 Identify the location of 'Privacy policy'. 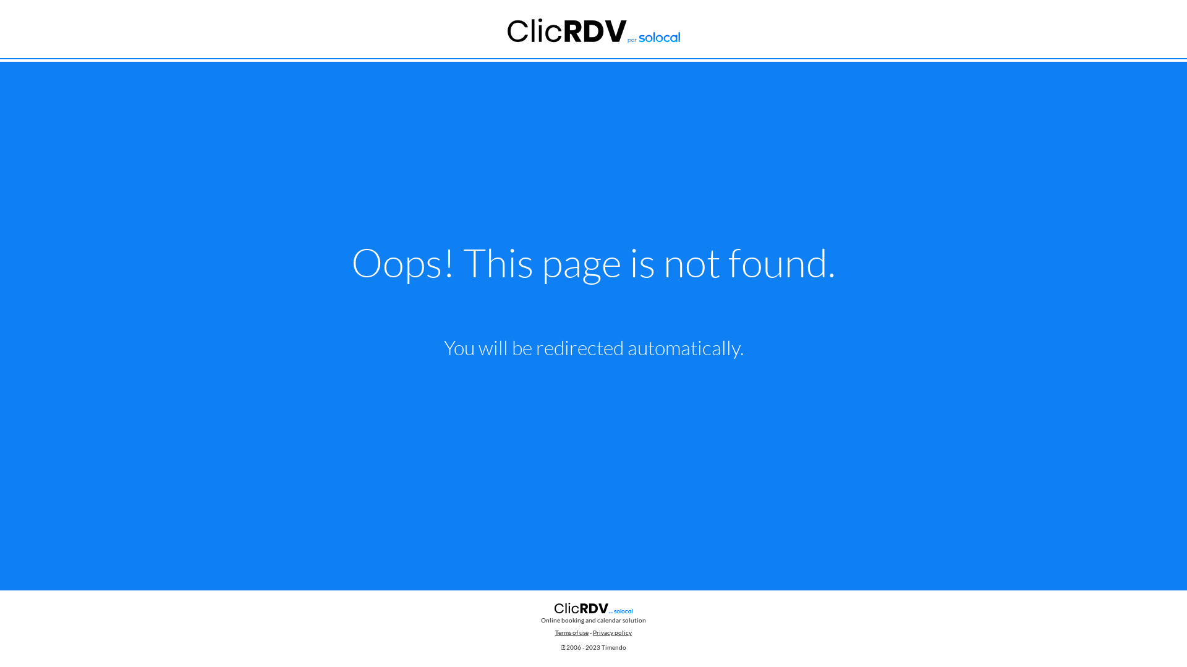
(612, 632).